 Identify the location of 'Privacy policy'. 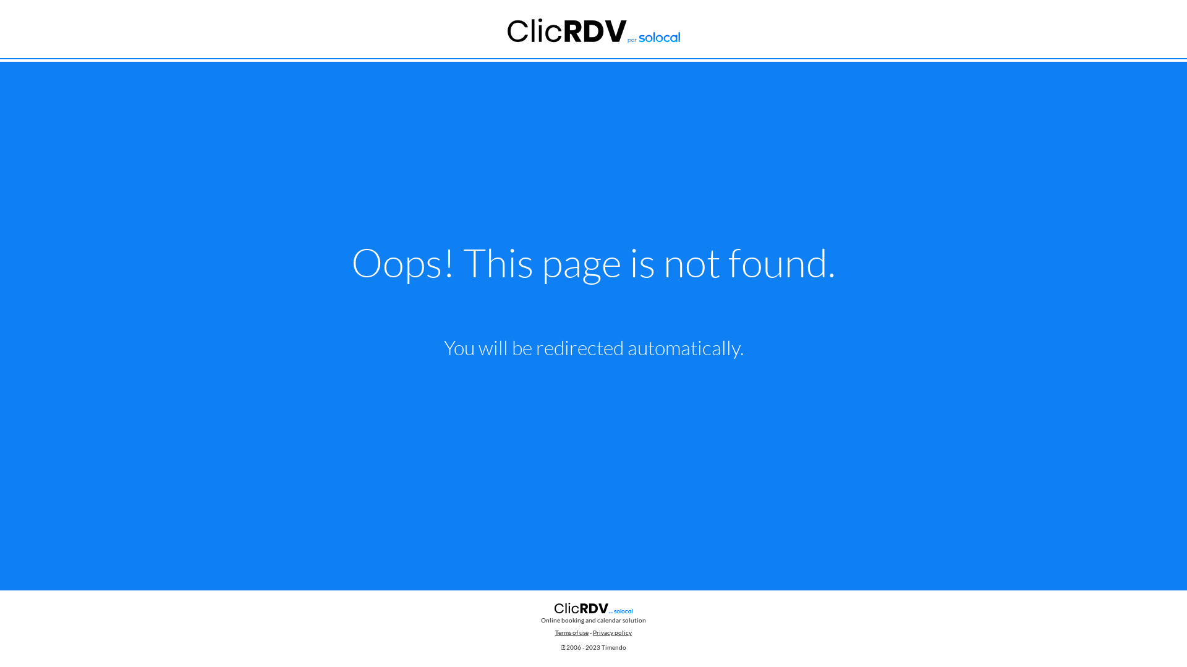
(612, 632).